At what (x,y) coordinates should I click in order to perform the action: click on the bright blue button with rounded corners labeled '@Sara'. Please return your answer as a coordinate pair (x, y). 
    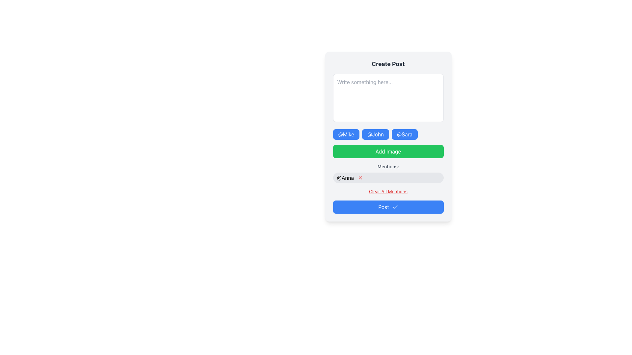
    Looking at the image, I should click on (404, 134).